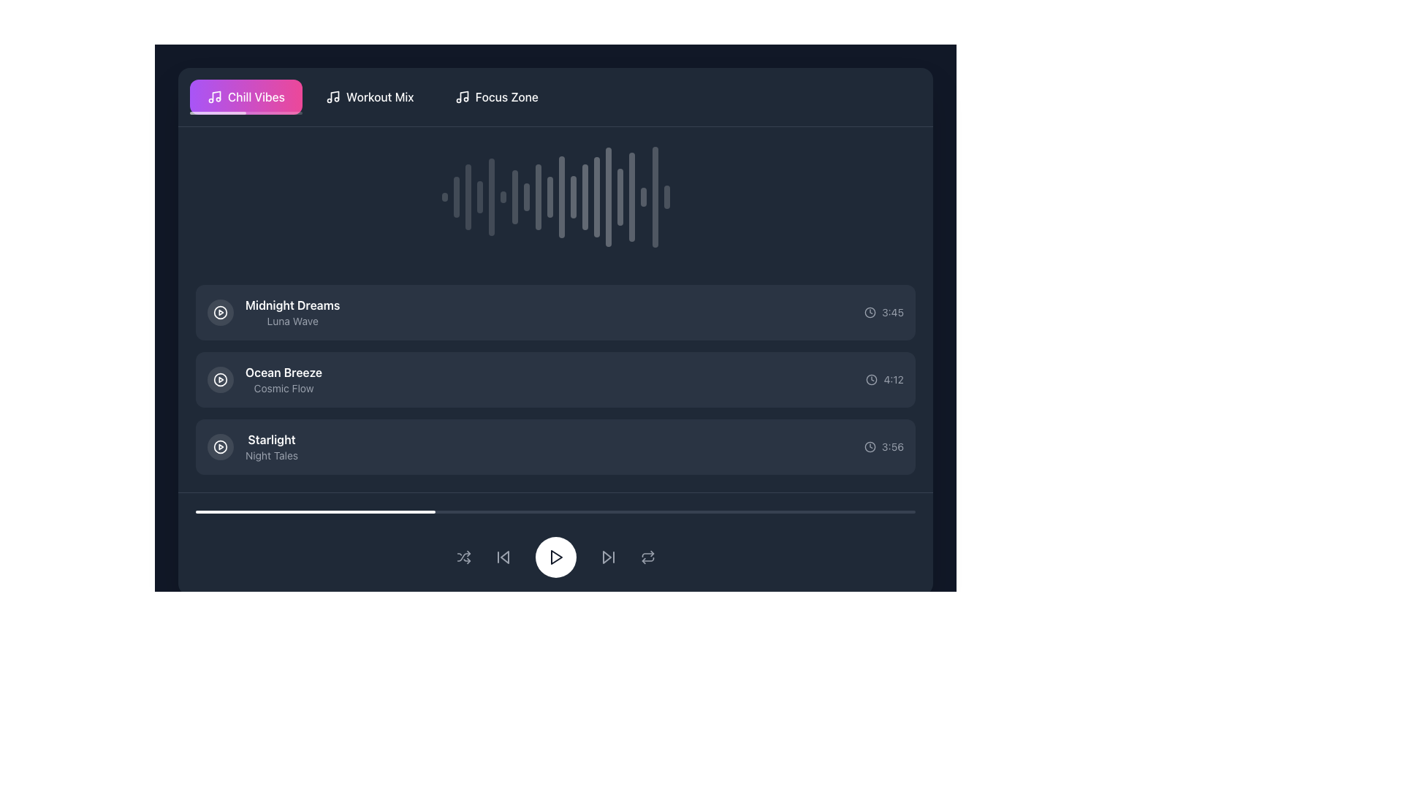 This screenshot has width=1403, height=789. What do you see at coordinates (220, 446) in the screenshot?
I see `the circular play button with a triangle icon` at bounding box center [220, 446].